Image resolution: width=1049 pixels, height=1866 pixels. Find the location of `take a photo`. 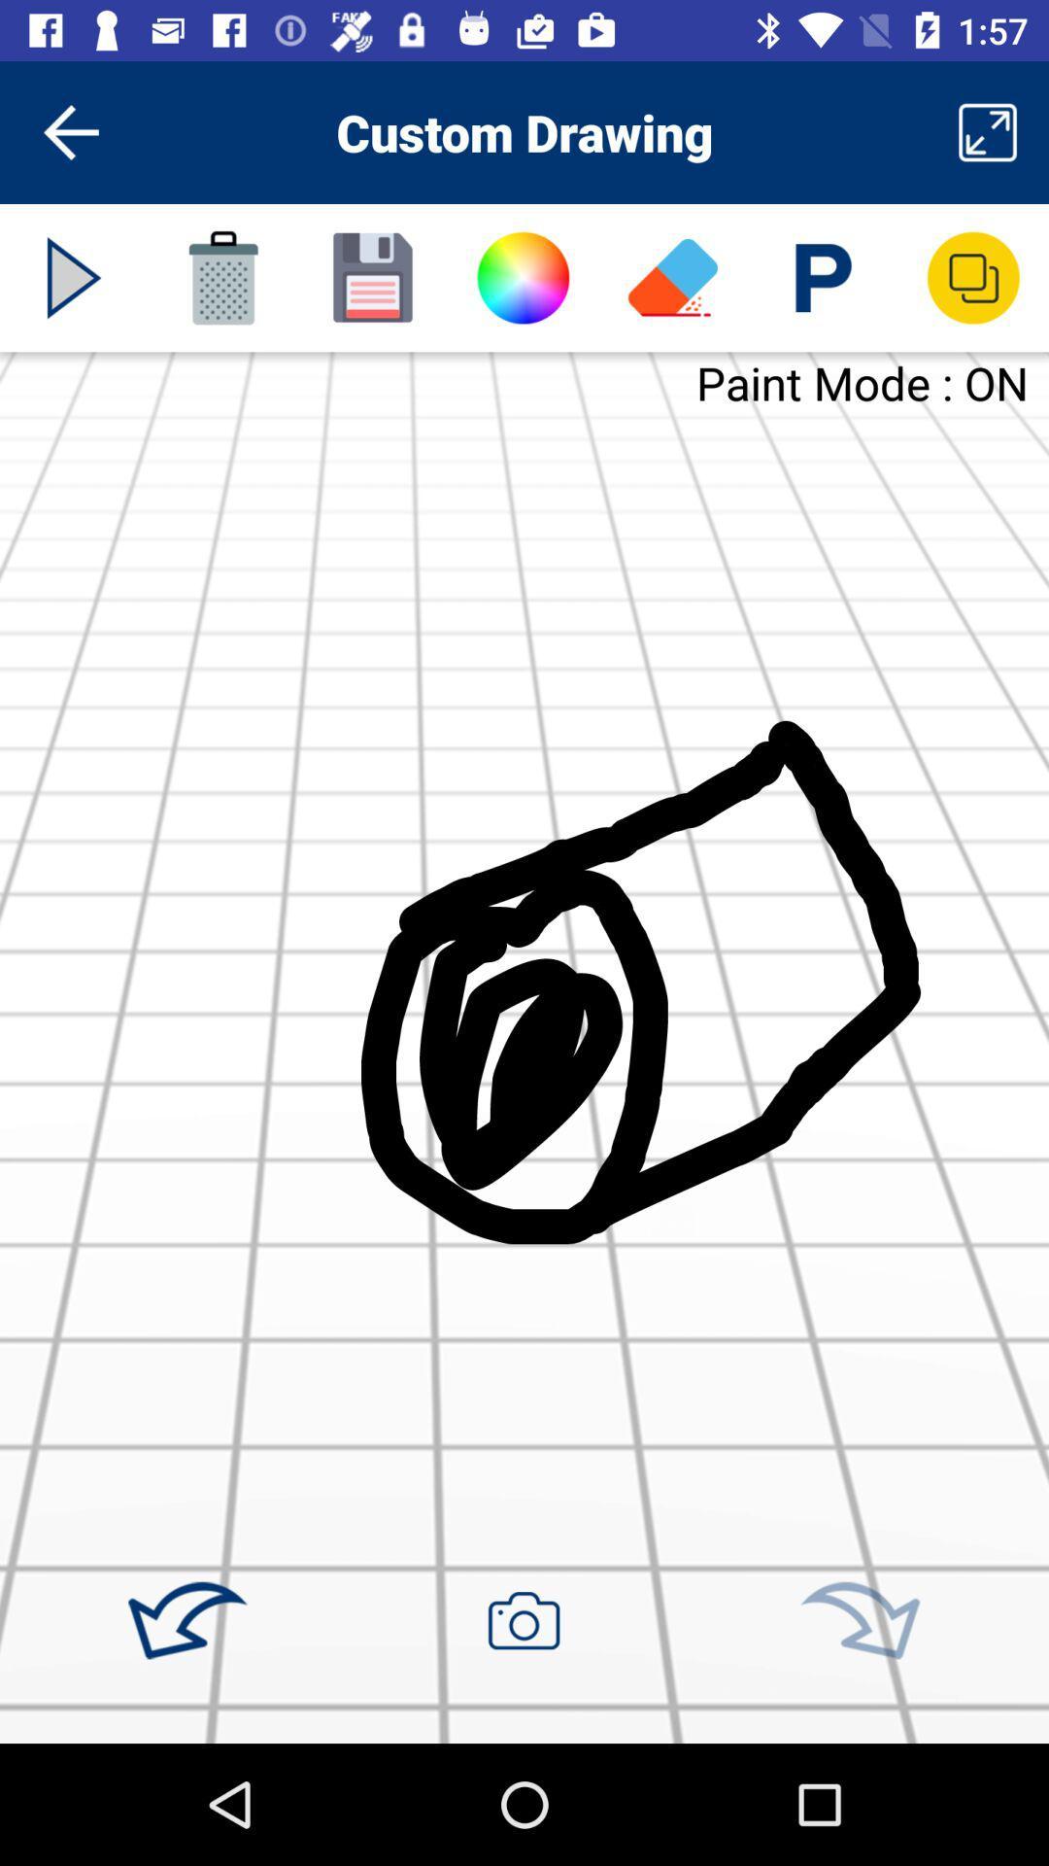

take a photo is located at coordinates (523, 1620).